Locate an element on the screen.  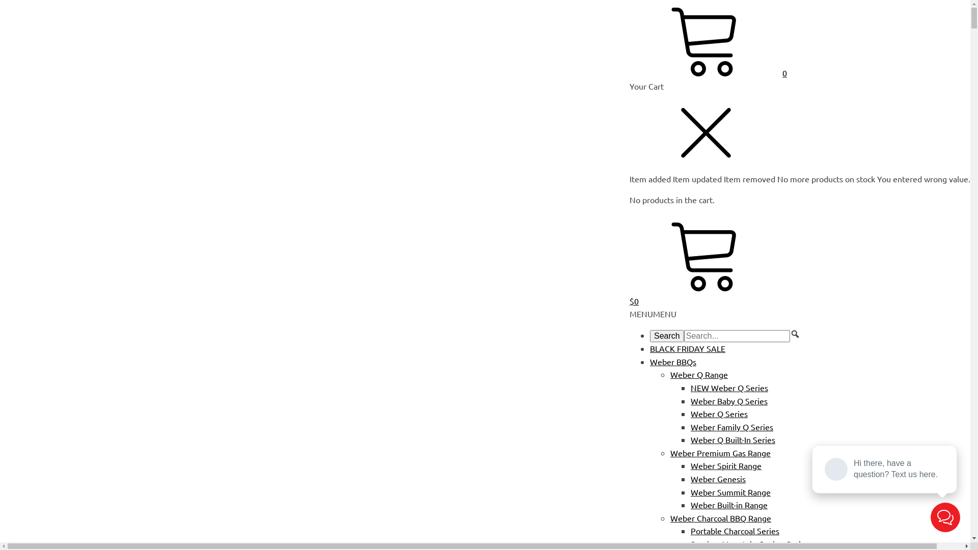
'Weber BBQs' is located at coordinates (673, 361).